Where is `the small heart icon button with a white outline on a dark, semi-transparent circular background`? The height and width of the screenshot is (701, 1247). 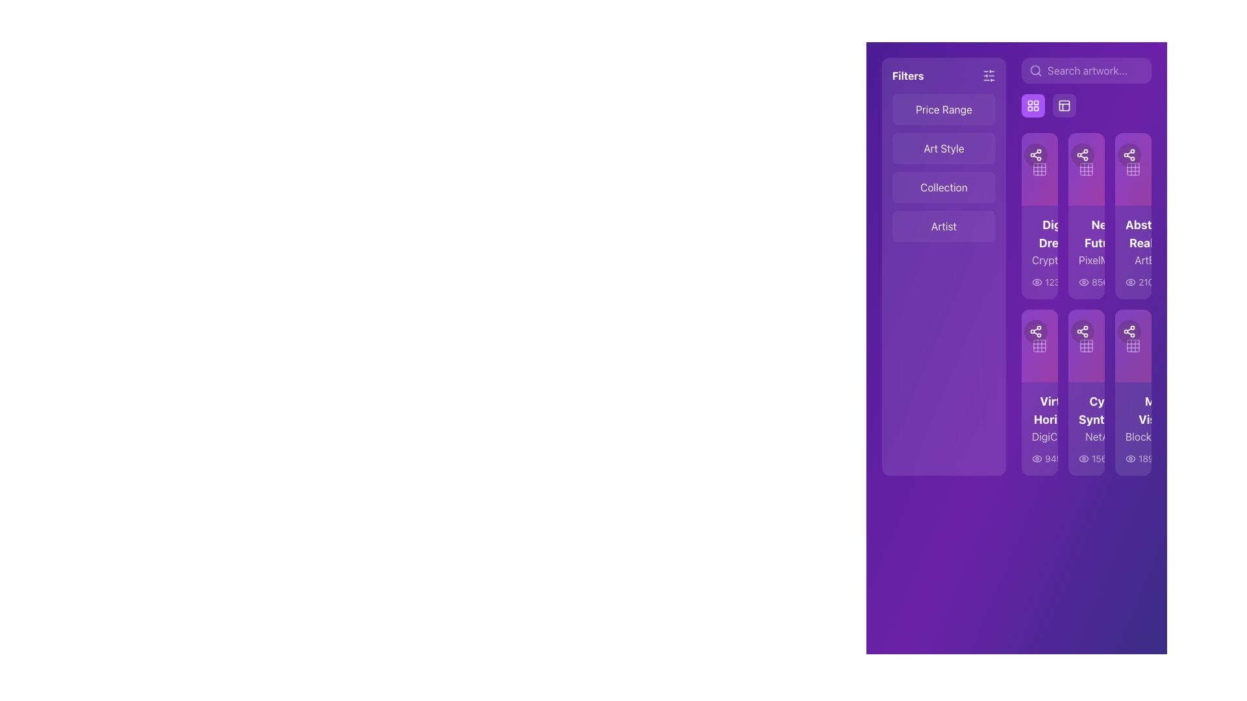
the small heart icon button with a white outline on a dark, semi-transparent circular background is located at coordinates (1100, 154).